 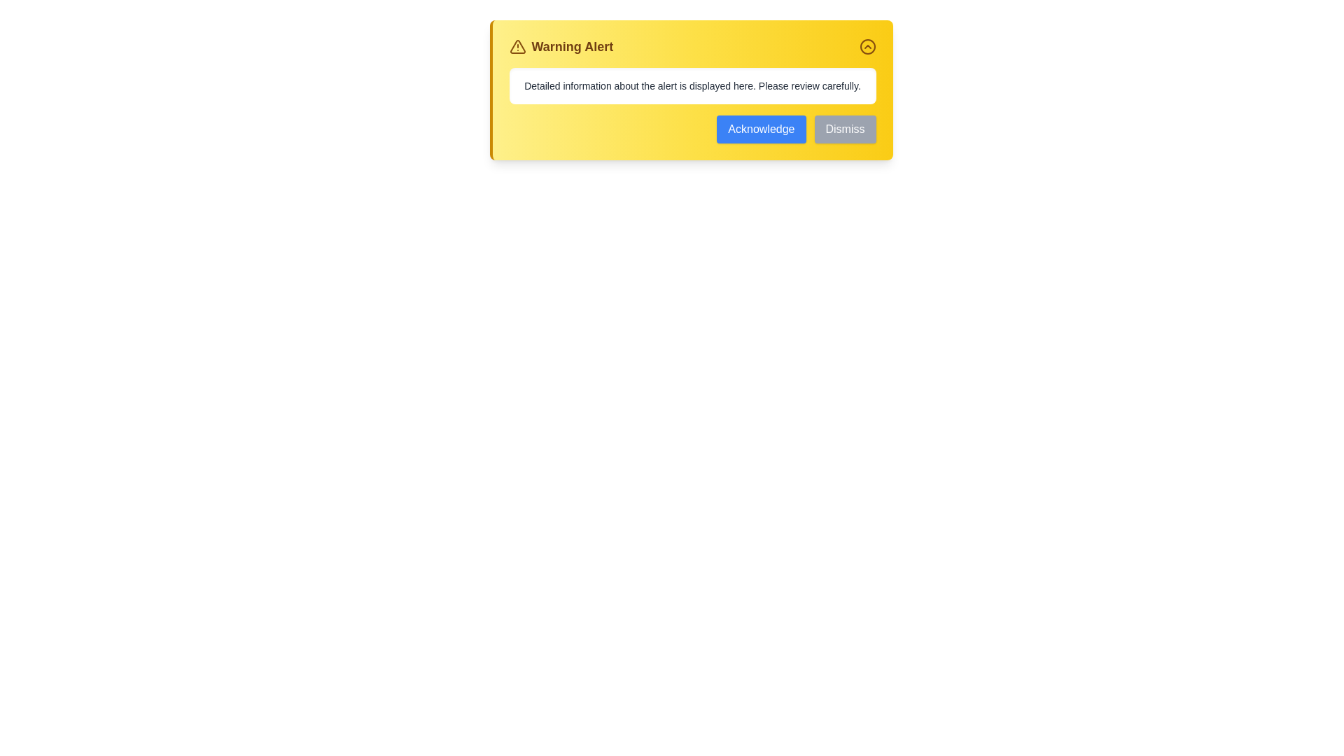 I want to click on the 'Acknowledge' button to acknowledge the alert, so click(x=759, y=129).